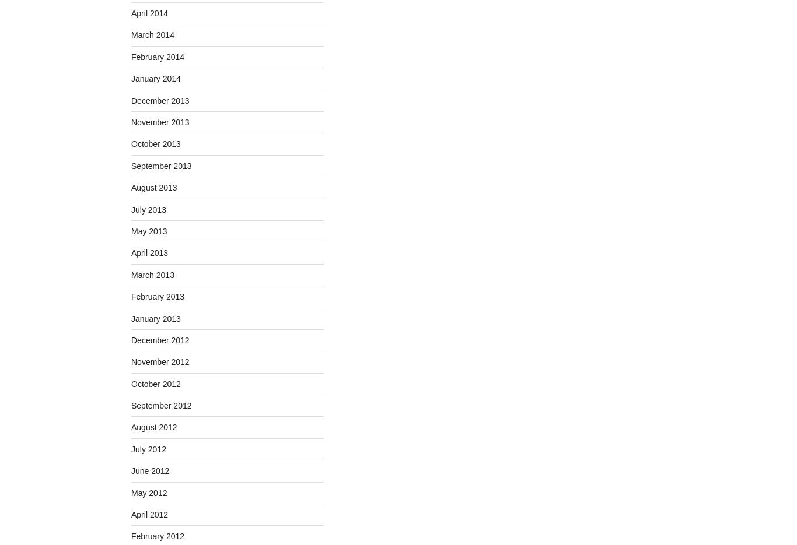 This screenshot has height=545, width=797. What do you see at coordinates (161, 164) in the screenshot?
I see `'September 2013'` at bounding box center [161, 164].